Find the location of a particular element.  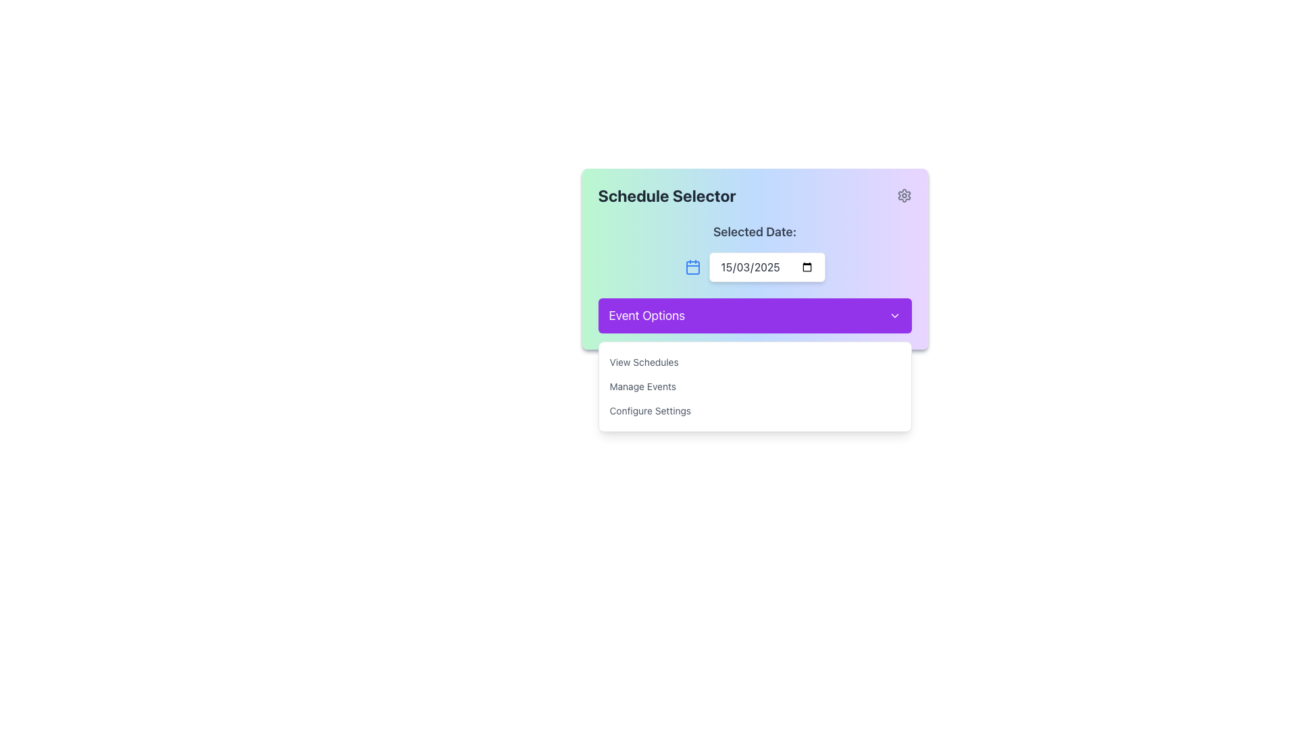

the first option in the dropdown menu under 'Event Options' is located at coordinates (754, 361).